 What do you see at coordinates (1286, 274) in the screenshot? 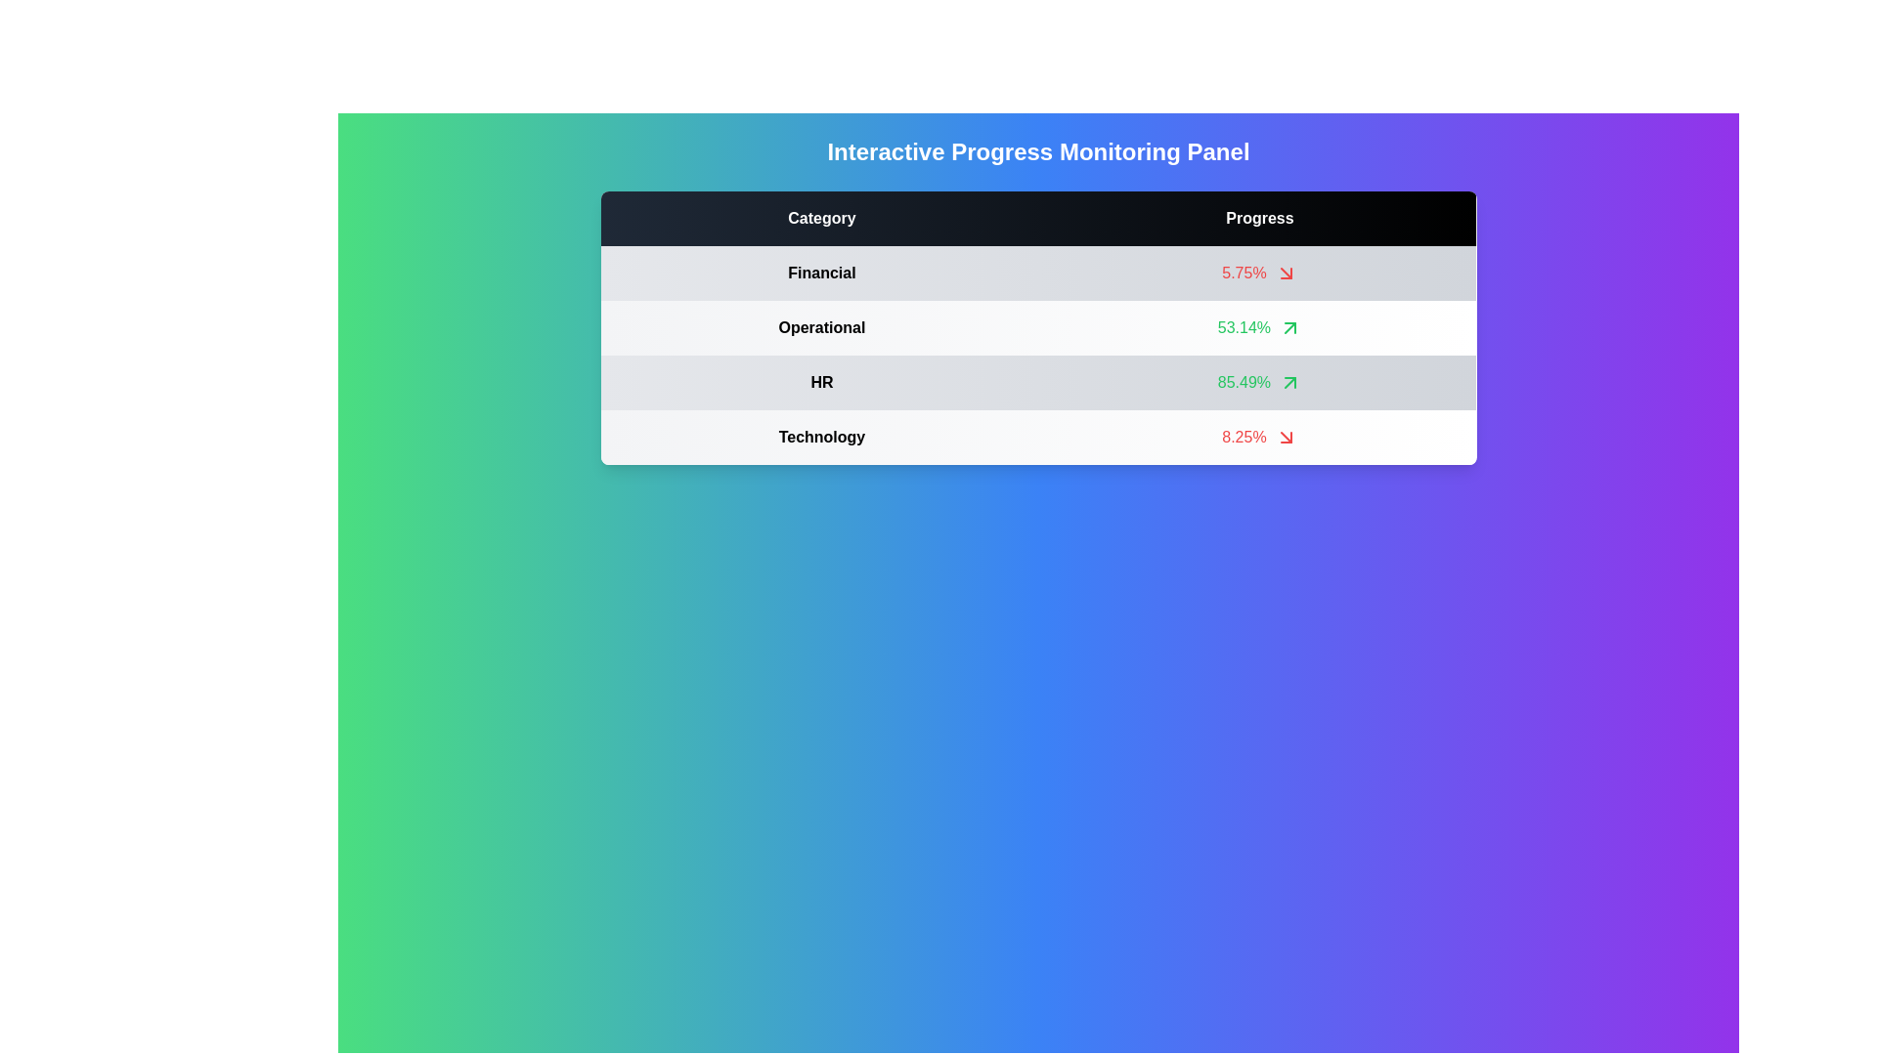
I see `the arrow indicator next to the progress value for the category Financial` at bounding box center [1286, 274].